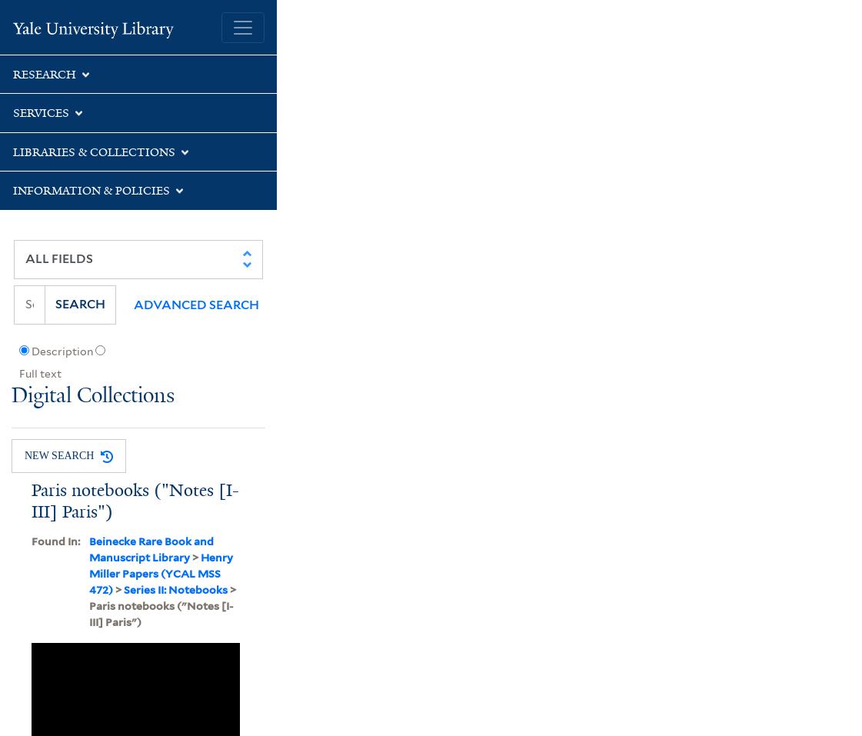  What do you see at coordinates (160, 573) in the screenshot?
I see `'Henry Miller Papers (YCAL MSS 472)'` at bounding box center [160, 573].